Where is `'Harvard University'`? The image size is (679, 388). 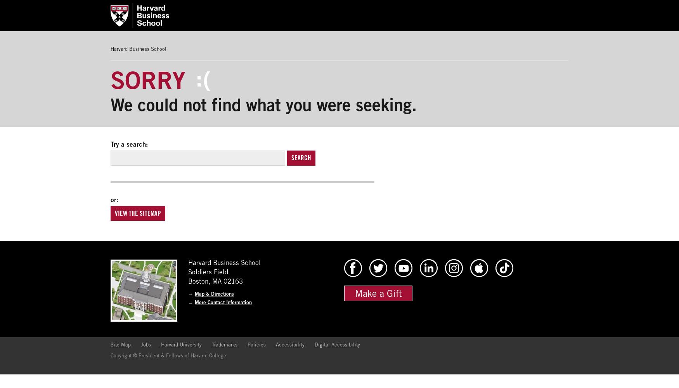 'Harvard University' is located at coordinates (181, 345).